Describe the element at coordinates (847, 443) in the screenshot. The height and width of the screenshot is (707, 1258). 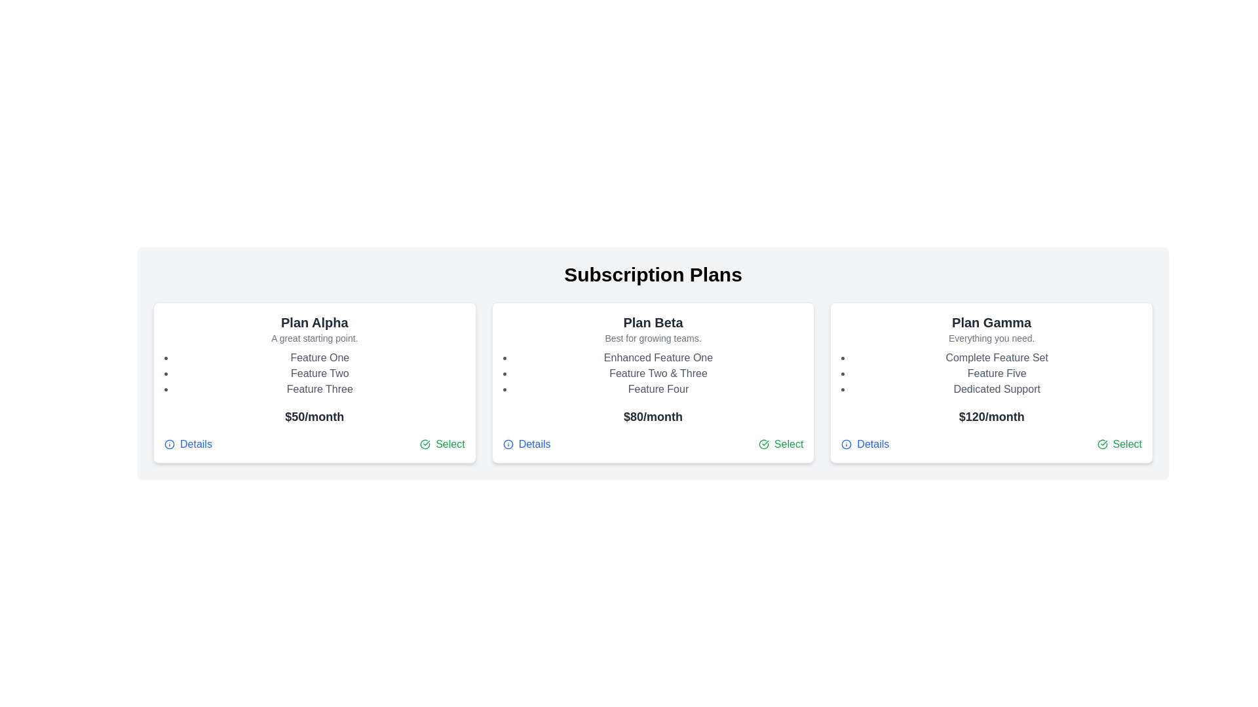
I see `the small blue circular icon with an 'i' in the center, located to the left of the 'Details' text link under the 'Plan Gamma' subscription card` at that location.